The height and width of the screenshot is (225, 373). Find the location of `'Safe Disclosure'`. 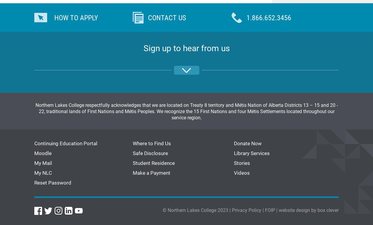

'Safe Disclosure' is located at coordinates (150, 153).